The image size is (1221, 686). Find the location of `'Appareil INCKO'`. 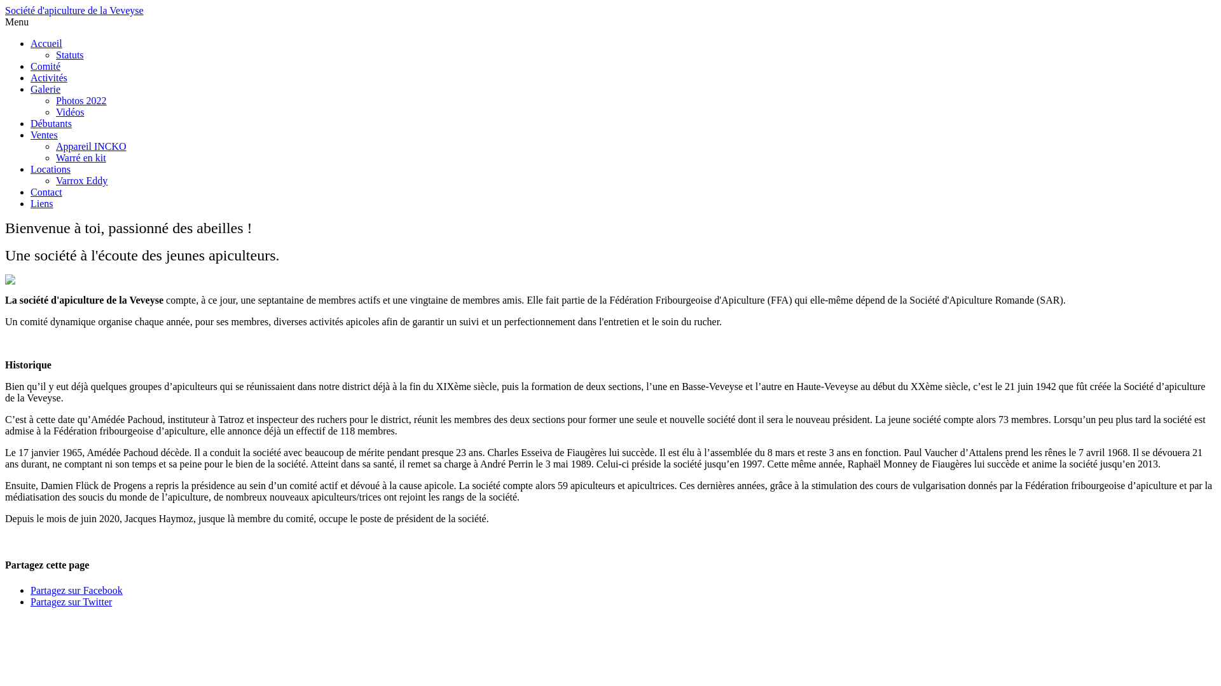

'Appareil INCKO' is located at coordinates (90, 145).